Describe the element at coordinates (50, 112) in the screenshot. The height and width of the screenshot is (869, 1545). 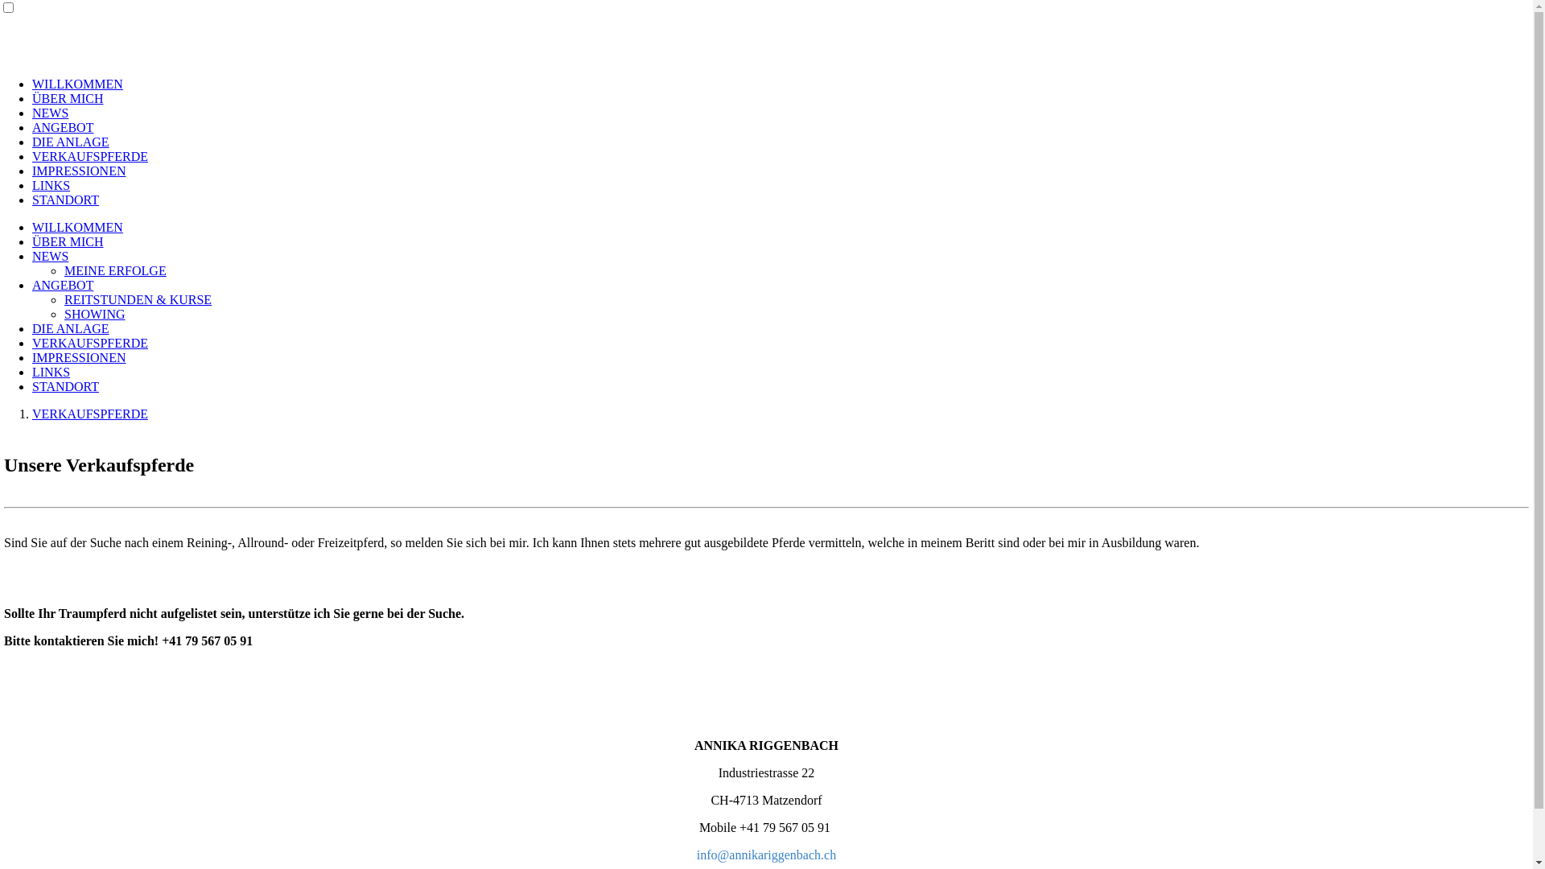
I see `'NEWS'` at that location.